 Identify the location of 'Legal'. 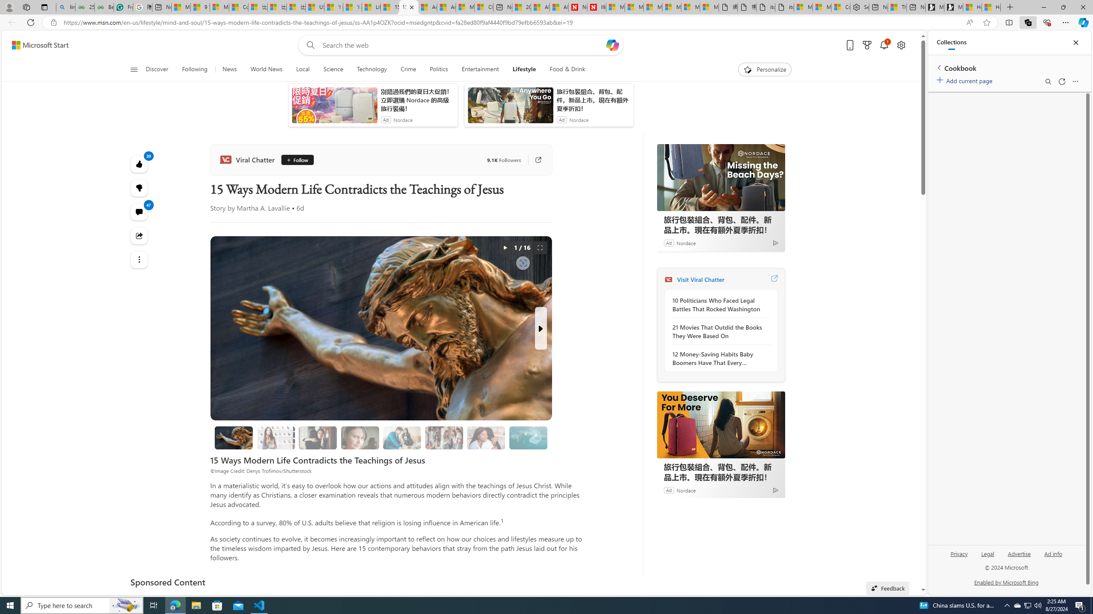
(988, 553).